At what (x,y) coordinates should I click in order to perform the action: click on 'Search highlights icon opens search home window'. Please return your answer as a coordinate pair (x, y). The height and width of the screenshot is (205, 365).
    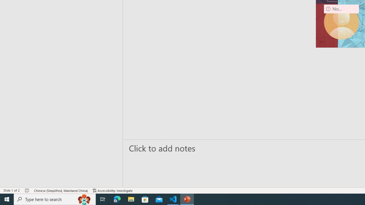
    Looking at the image, I should click on (84, 199).